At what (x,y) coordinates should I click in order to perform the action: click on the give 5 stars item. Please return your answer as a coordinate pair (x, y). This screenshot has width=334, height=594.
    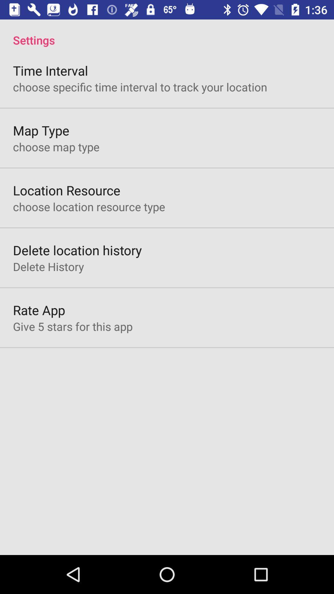
    Looking at the image, I should click on (72, 326).